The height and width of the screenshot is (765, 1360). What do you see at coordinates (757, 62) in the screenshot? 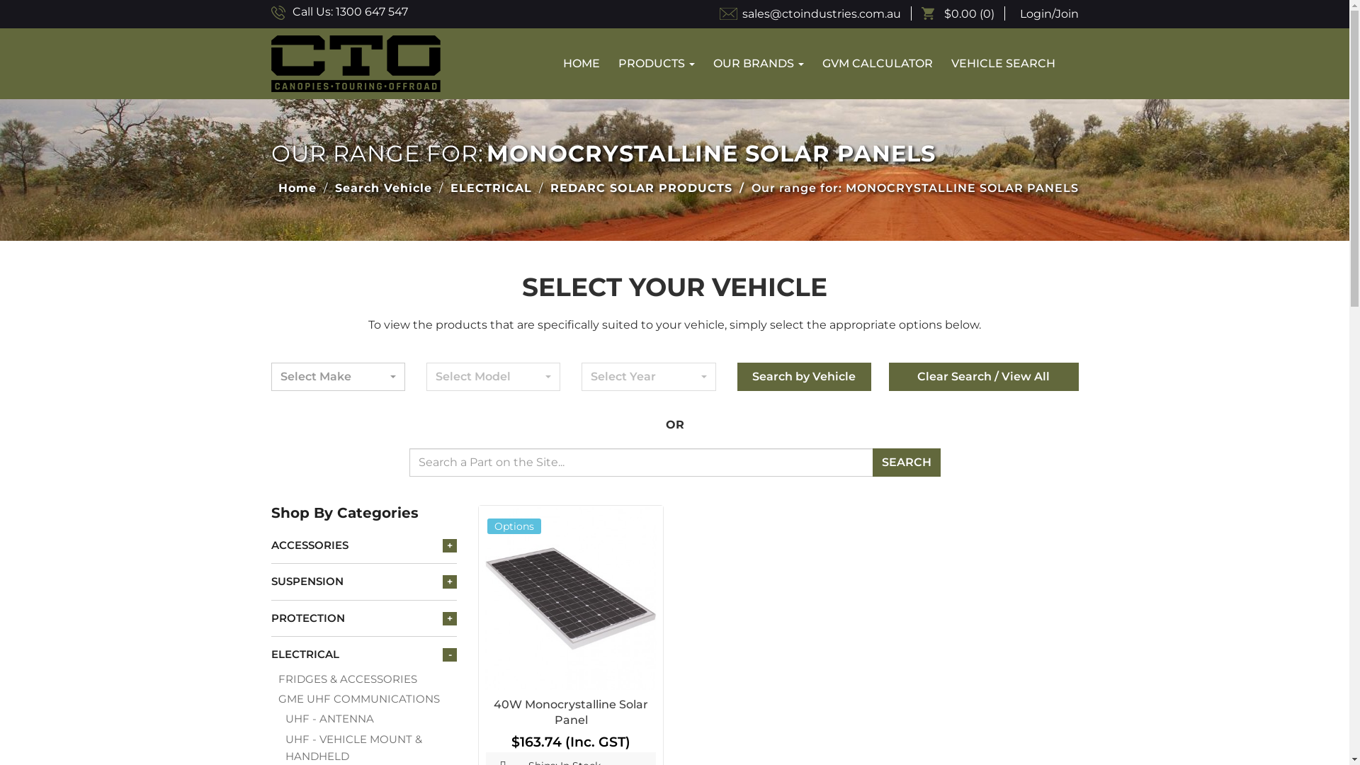
I see `'OUR BRANDS'` at bounding box center [757, 62].